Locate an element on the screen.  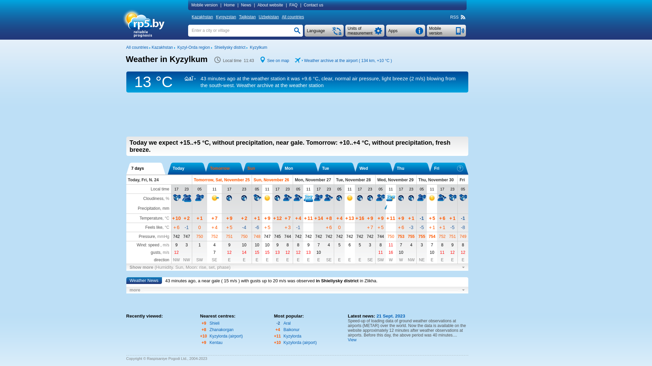
'7 days' is located at coordinates (145, 168).